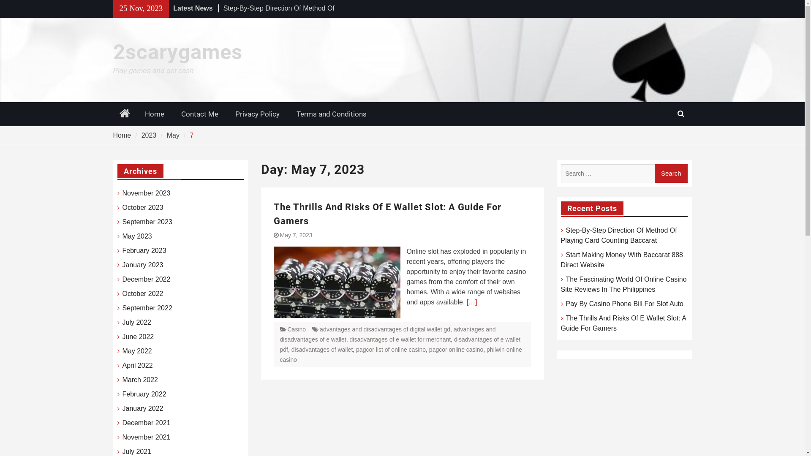 The height and width of the screenshot is (456, 811). Describe the element at coordinates (154, 114) in the screenshot. I see `'Home'` at that location.